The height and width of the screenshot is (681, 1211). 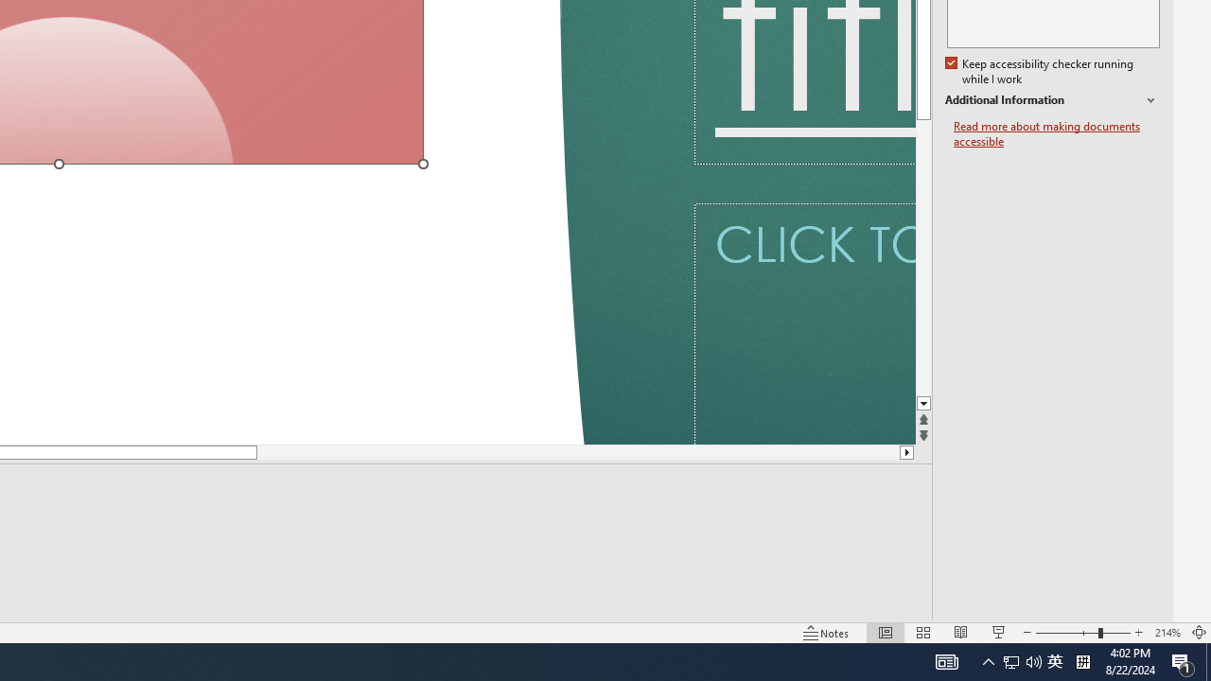 What do you see at coordinates (827, 633) in the screenshot?
I see `'Notes '` at bounding box center [827, 633].